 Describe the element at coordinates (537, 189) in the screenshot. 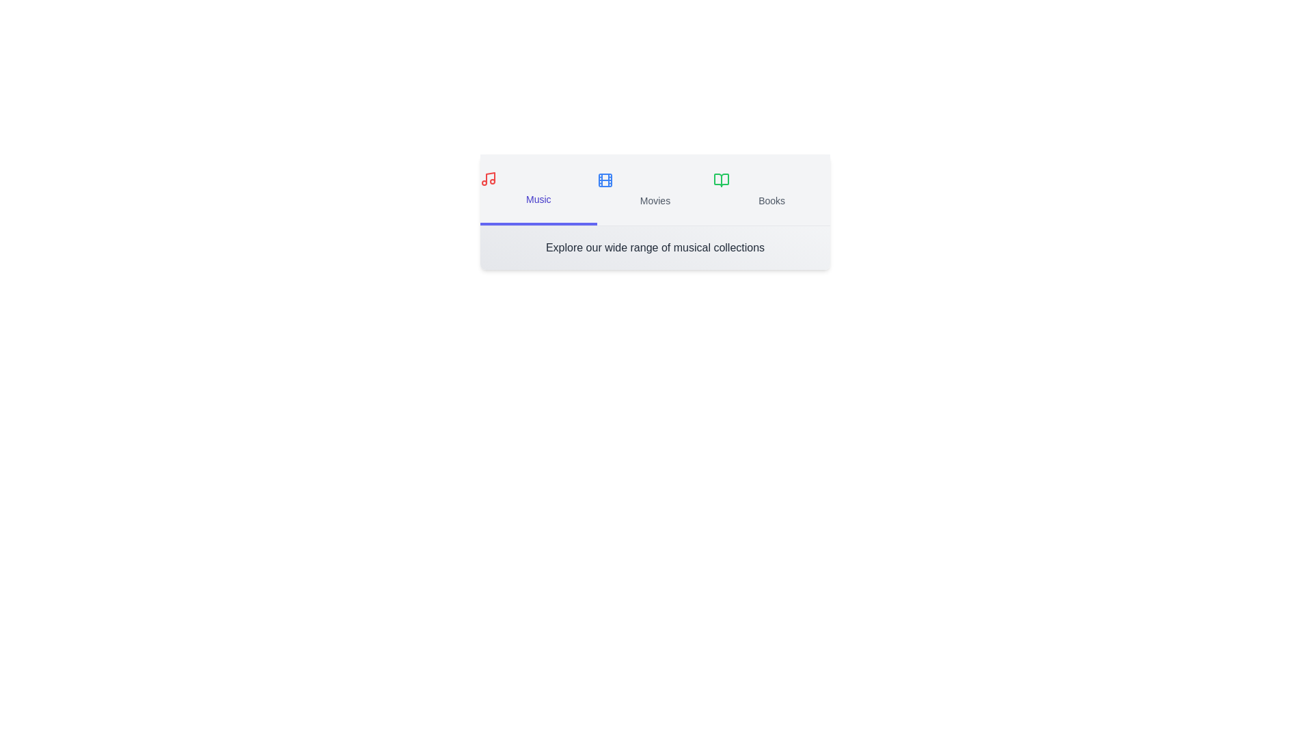

I see `the Music tab to switch to its section` at that location.